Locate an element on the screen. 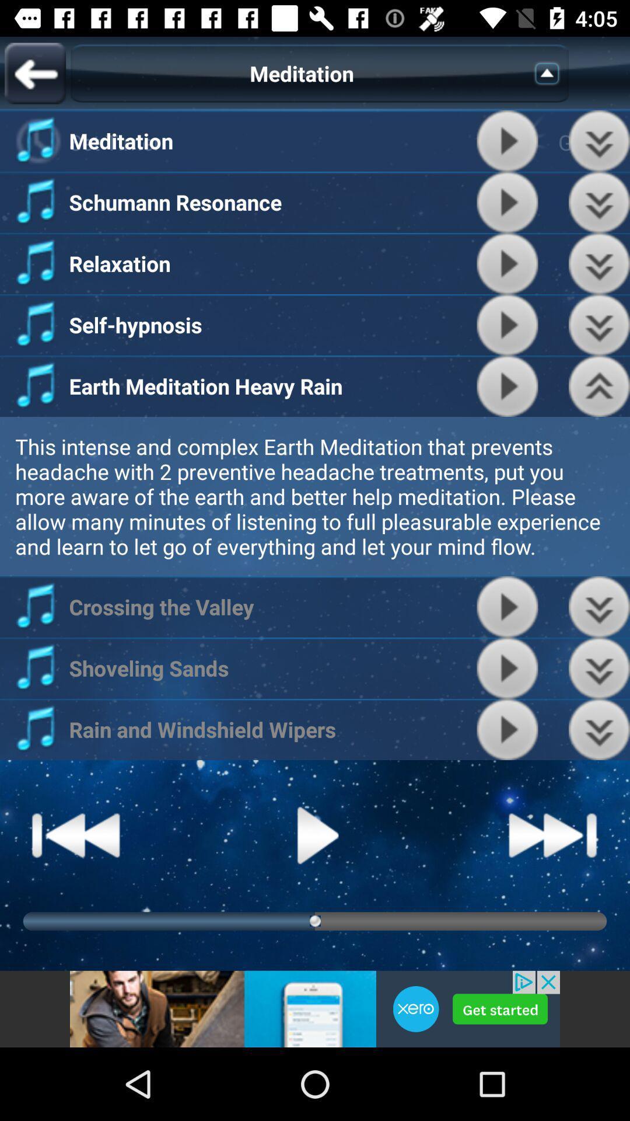 This screenshot has height=1121, width=630. song is located at coordinates (507, 325).